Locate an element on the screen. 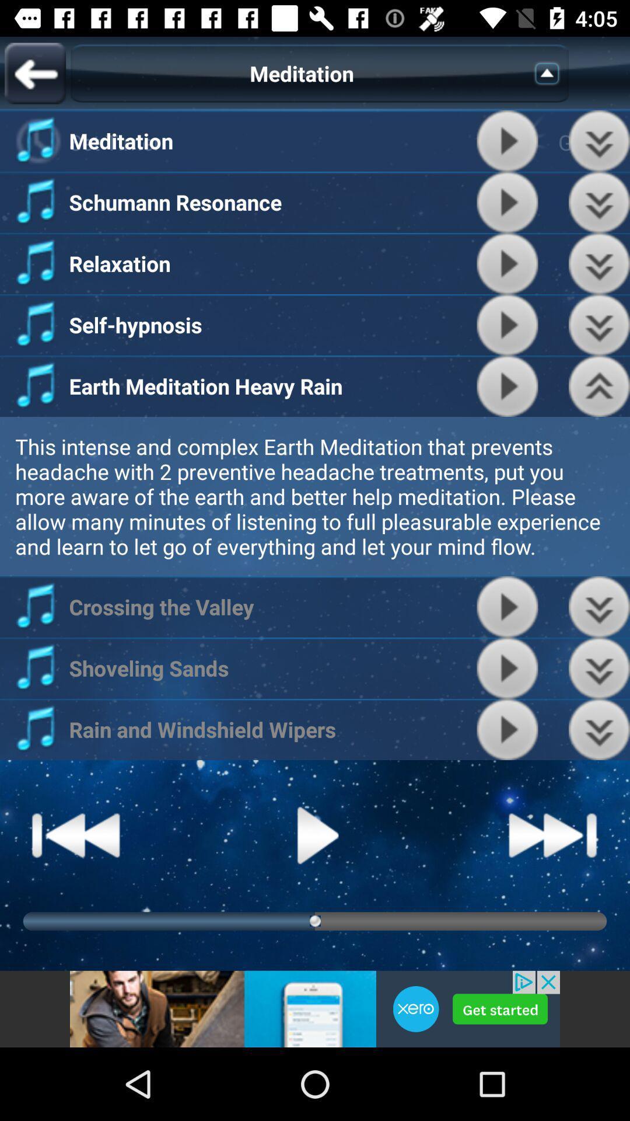 This screenshot has height=1121, width=630. song is located at coordinates (507, 325).